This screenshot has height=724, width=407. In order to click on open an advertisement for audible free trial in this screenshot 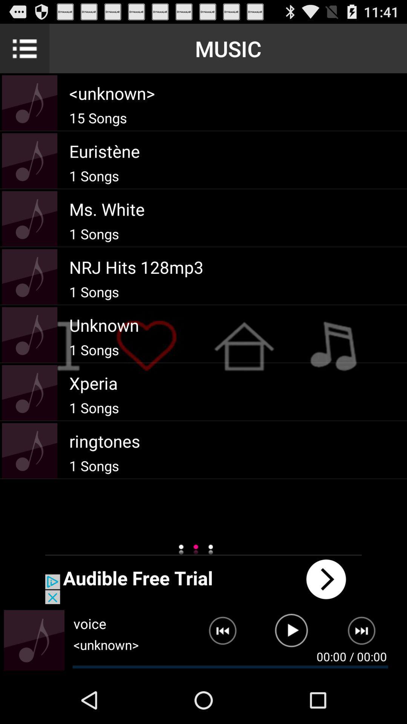, I will do `click(203, 579)`.